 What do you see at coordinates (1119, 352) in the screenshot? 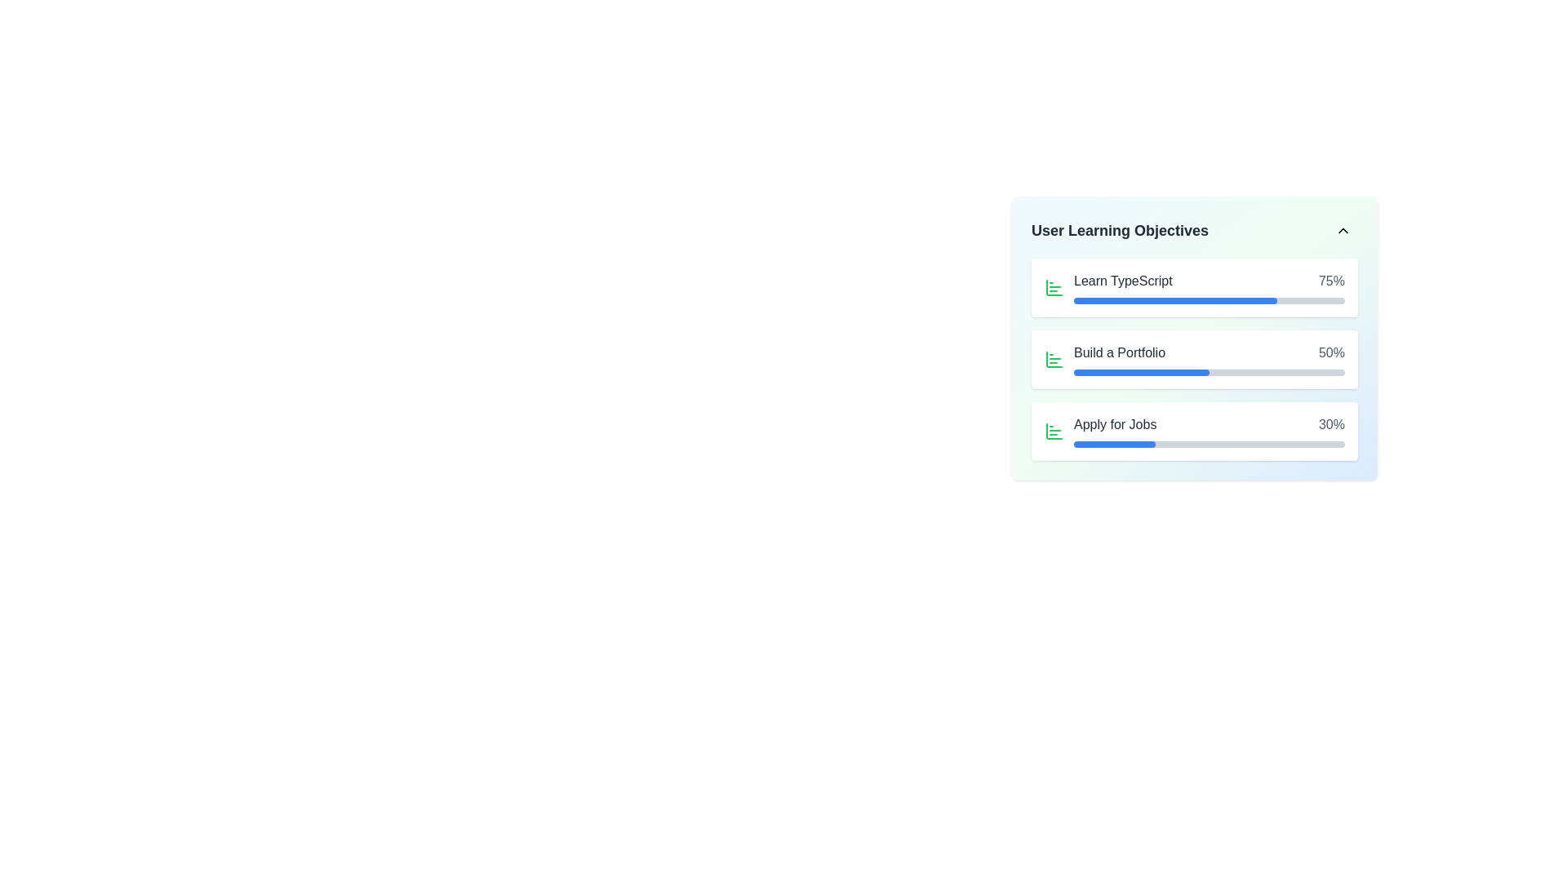
I see `the Text label that displays the title of a learning objective` at bounding box center [1119, 352].